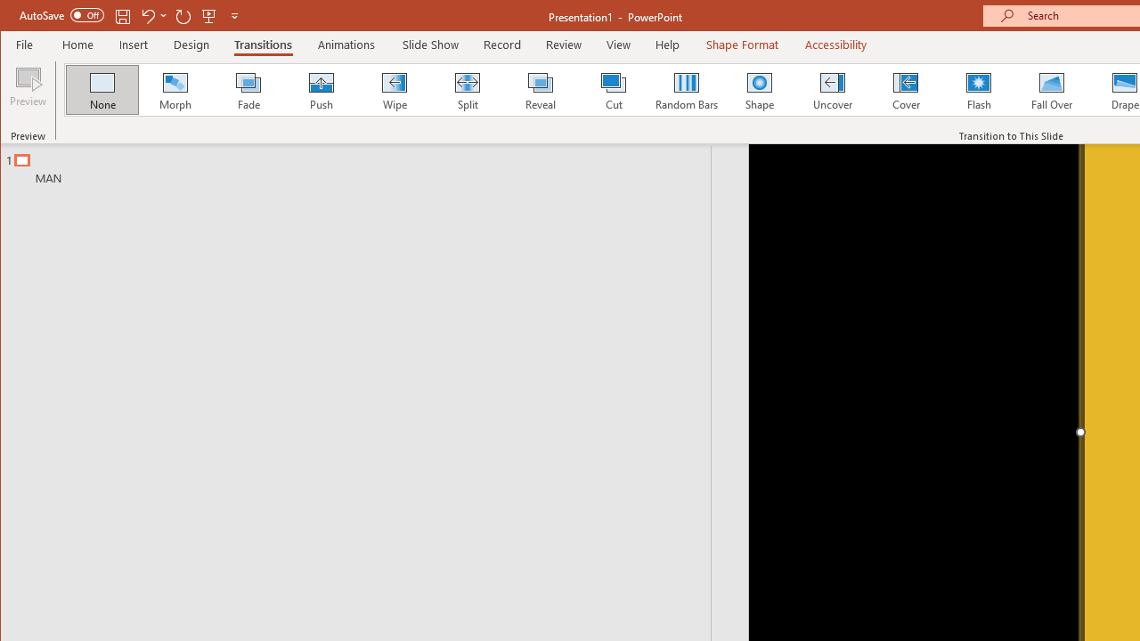 This screenshot has height=641, width=1140. Describe the element at coordinates (501, 44) in the screenshot. I see `'Record'` at that location.